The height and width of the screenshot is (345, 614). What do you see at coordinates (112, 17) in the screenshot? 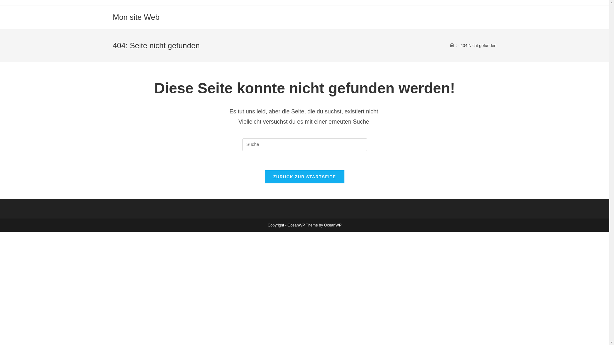
I see `'Mon site Web'` at bounding box center [112, 17].